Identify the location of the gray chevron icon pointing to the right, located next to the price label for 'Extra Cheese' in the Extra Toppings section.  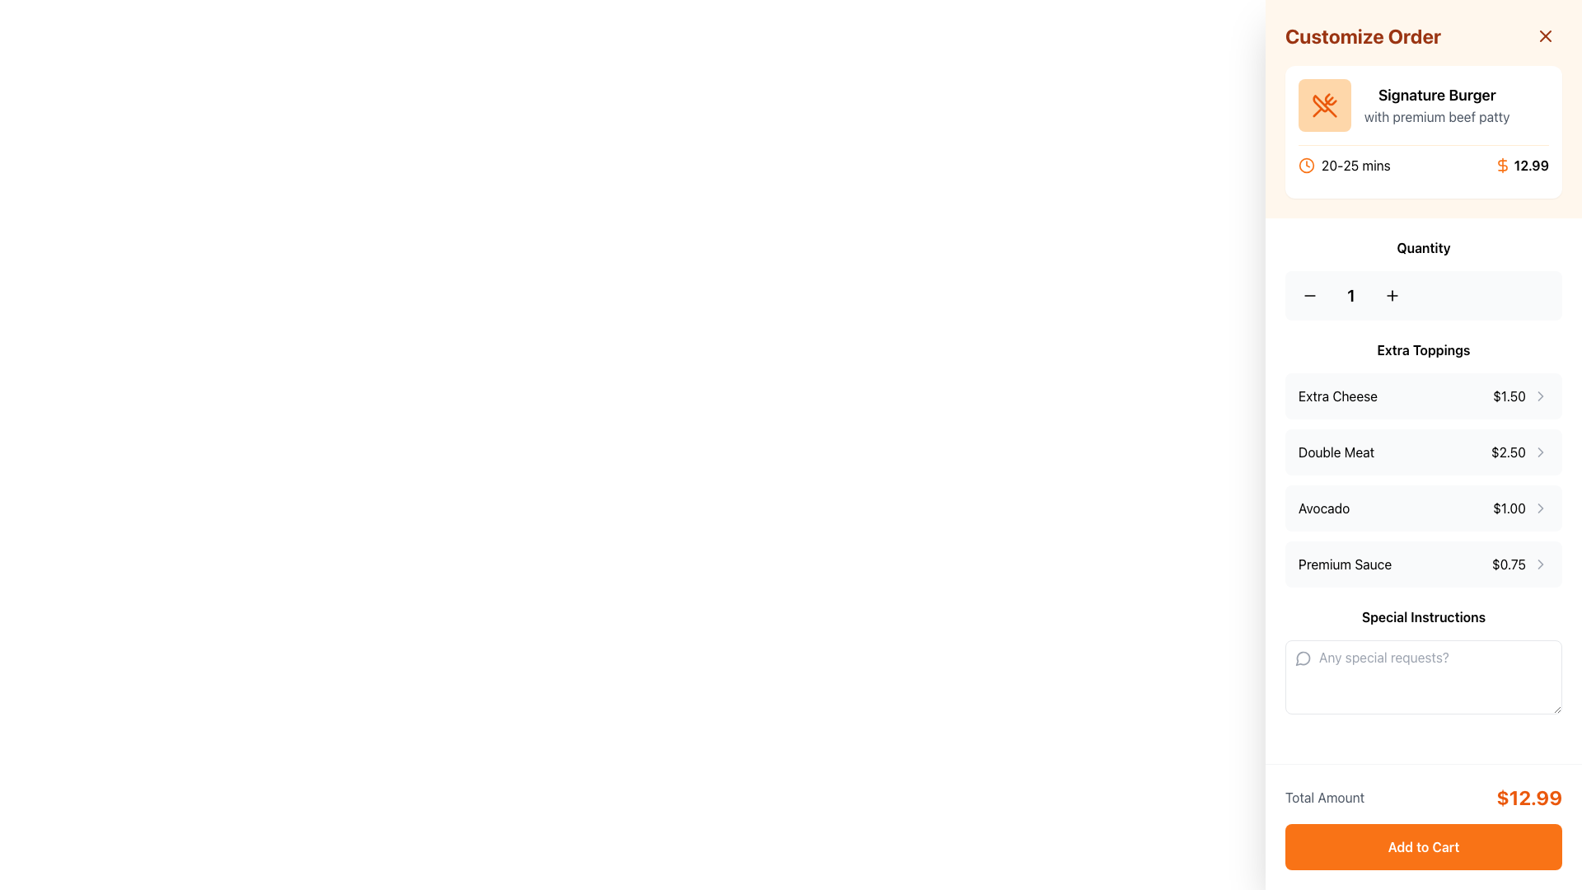
(1540, 396).